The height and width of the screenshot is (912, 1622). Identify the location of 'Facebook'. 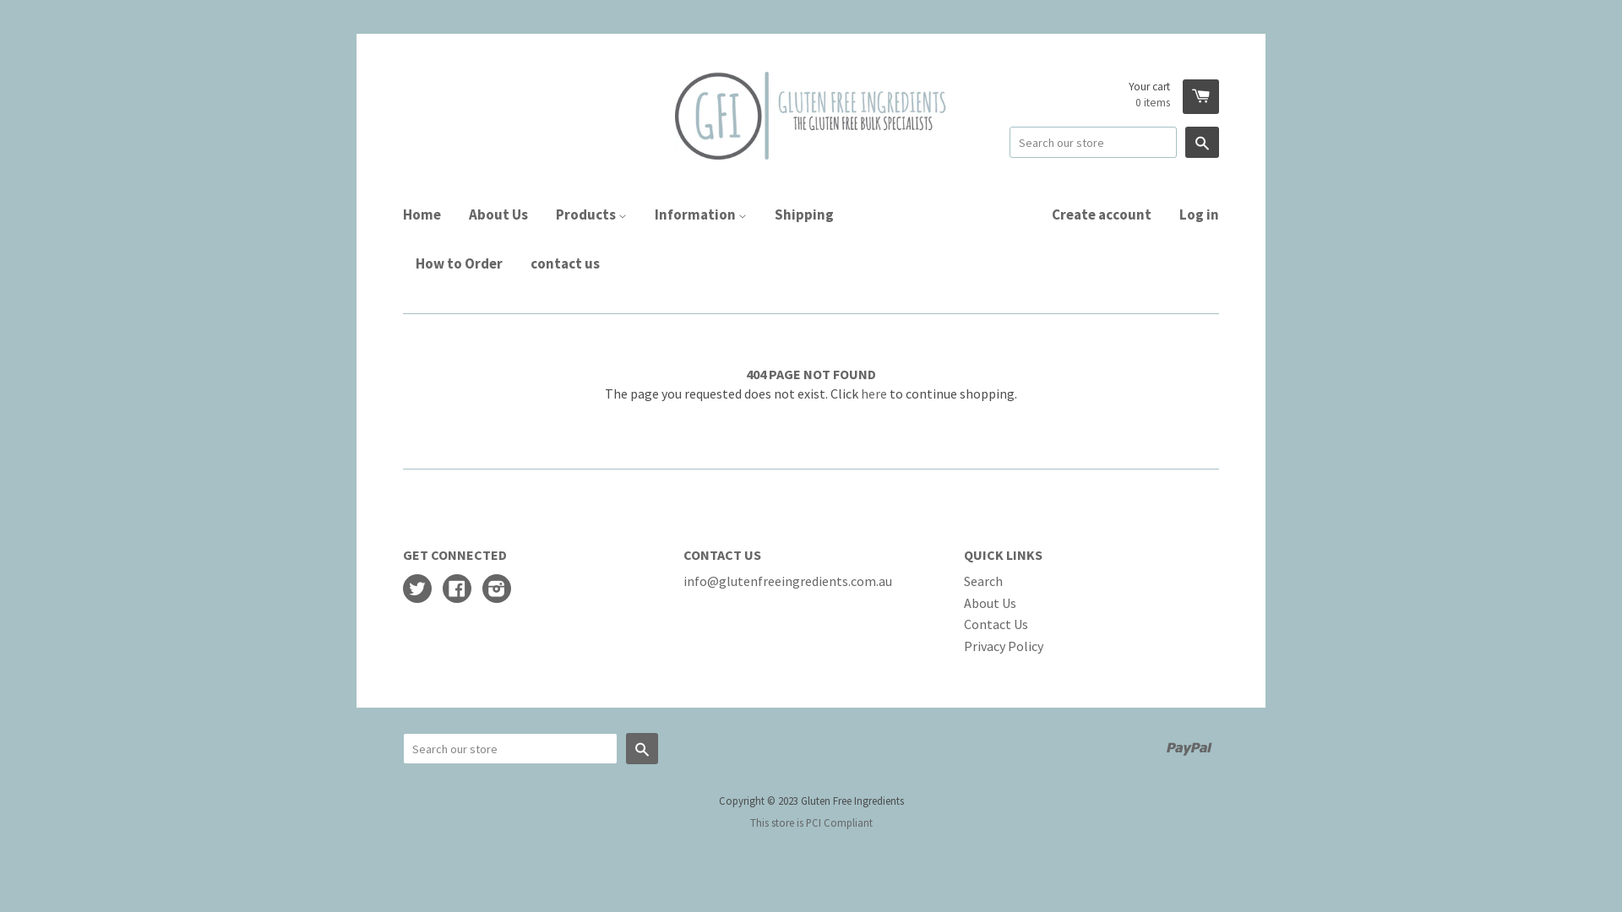
(457, 589).